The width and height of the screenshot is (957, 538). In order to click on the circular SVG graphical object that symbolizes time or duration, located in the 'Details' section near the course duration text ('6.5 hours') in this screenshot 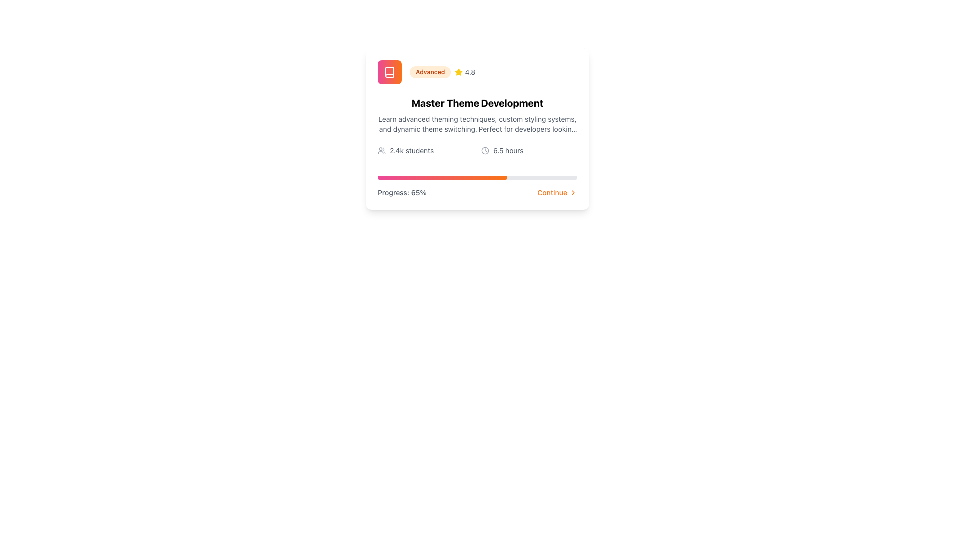, I will do `click(485, 151)`.